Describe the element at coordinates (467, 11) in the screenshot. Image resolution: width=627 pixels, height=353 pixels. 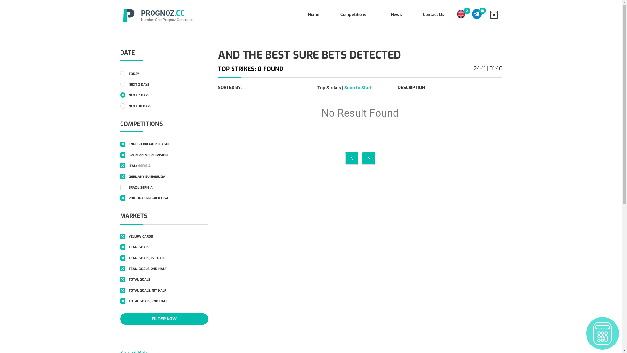
I see `'2'` at that location.